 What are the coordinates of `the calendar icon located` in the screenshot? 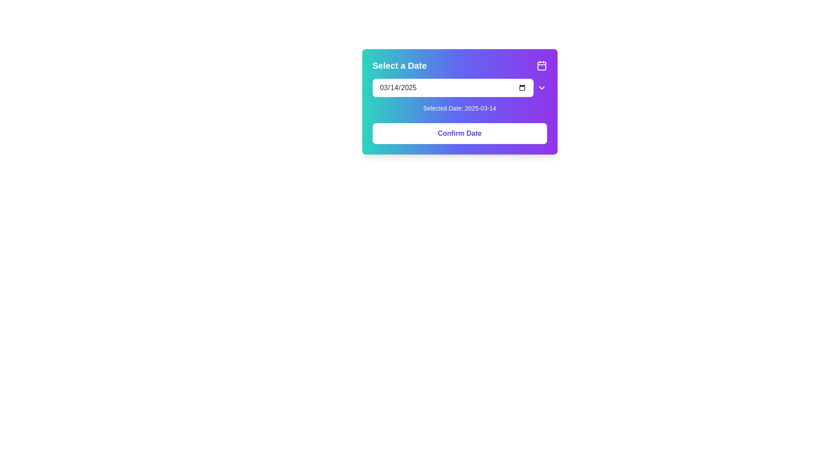 It's located at (541, 65).